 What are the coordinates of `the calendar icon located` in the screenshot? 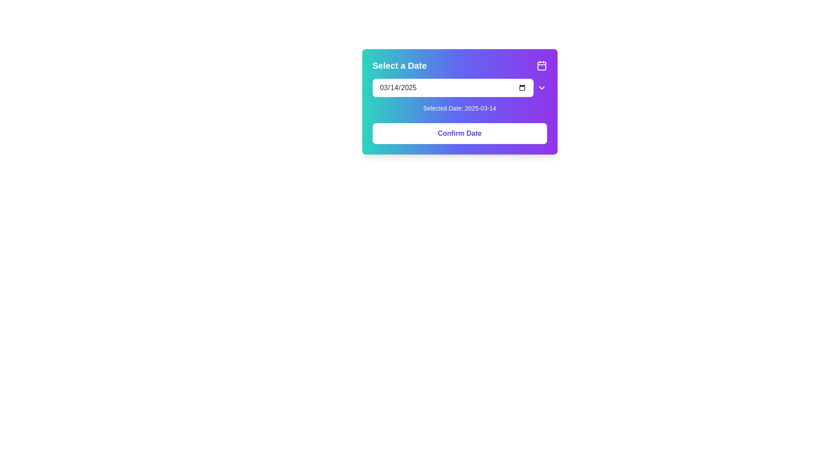 It's located at (541, 65).